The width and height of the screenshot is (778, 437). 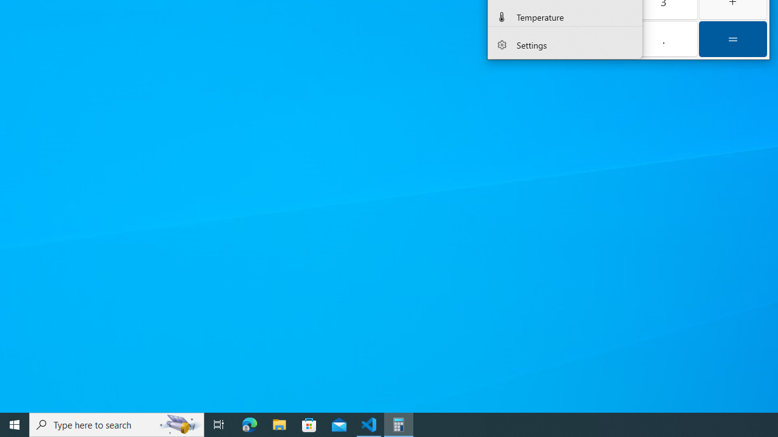 I want to click on 'Decimal separator', so click(x=663, y=38).